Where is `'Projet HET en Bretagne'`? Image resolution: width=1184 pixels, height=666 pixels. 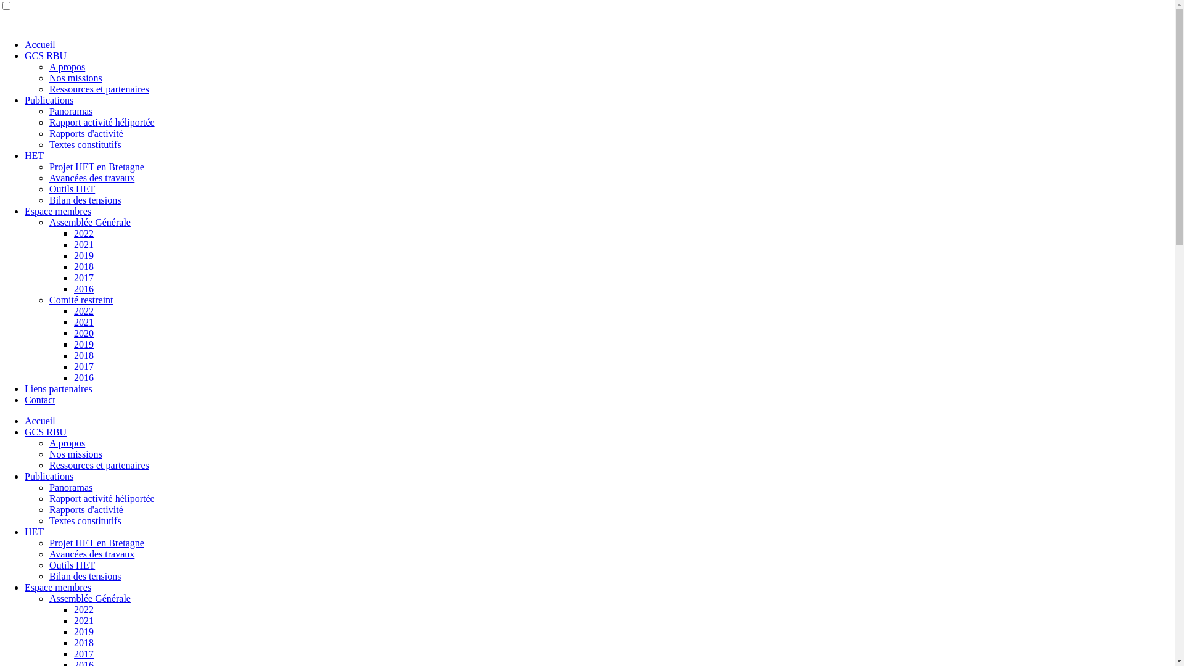
'Projet HET en Bretagne' is located at coordinates (96, 542).